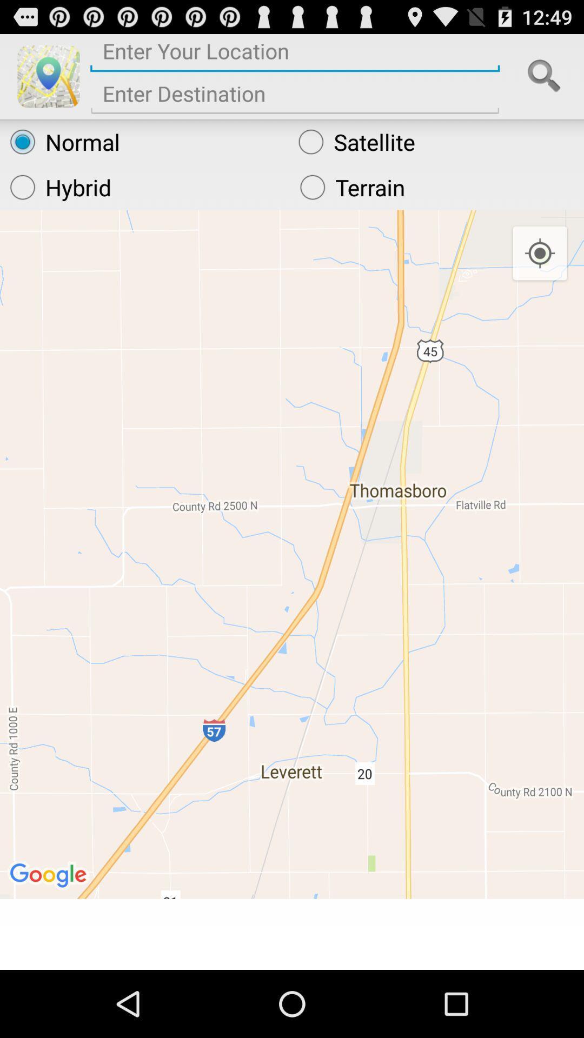 This screenshot has width=584, height=1038. I want to click on the item next to hybrid radio button, so click(436, 187).